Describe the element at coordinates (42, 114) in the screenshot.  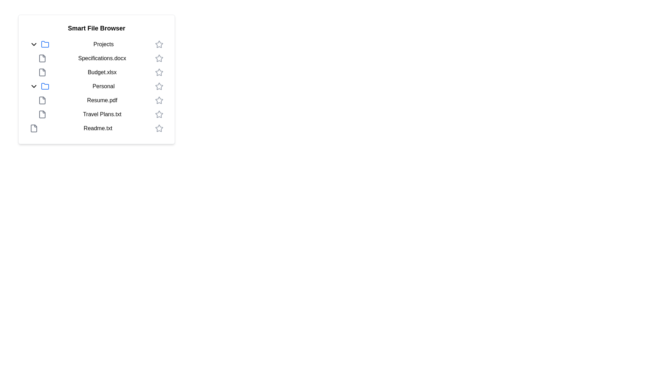
I see `the file icon representing 'Travel Plans.txt', located within the 'Personal' folder in the 'Smart File Browser' interface, positioned to the left of the text 'Travel Plans.txt' and below 'Resume.pdf'` at that location.